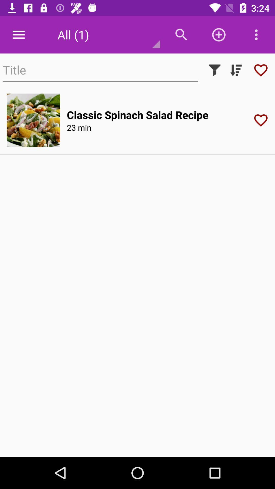 The image size is (275, 489). Describe the element at coordinates (256, 35) in the screenshot. I see `the options icon` at that location.